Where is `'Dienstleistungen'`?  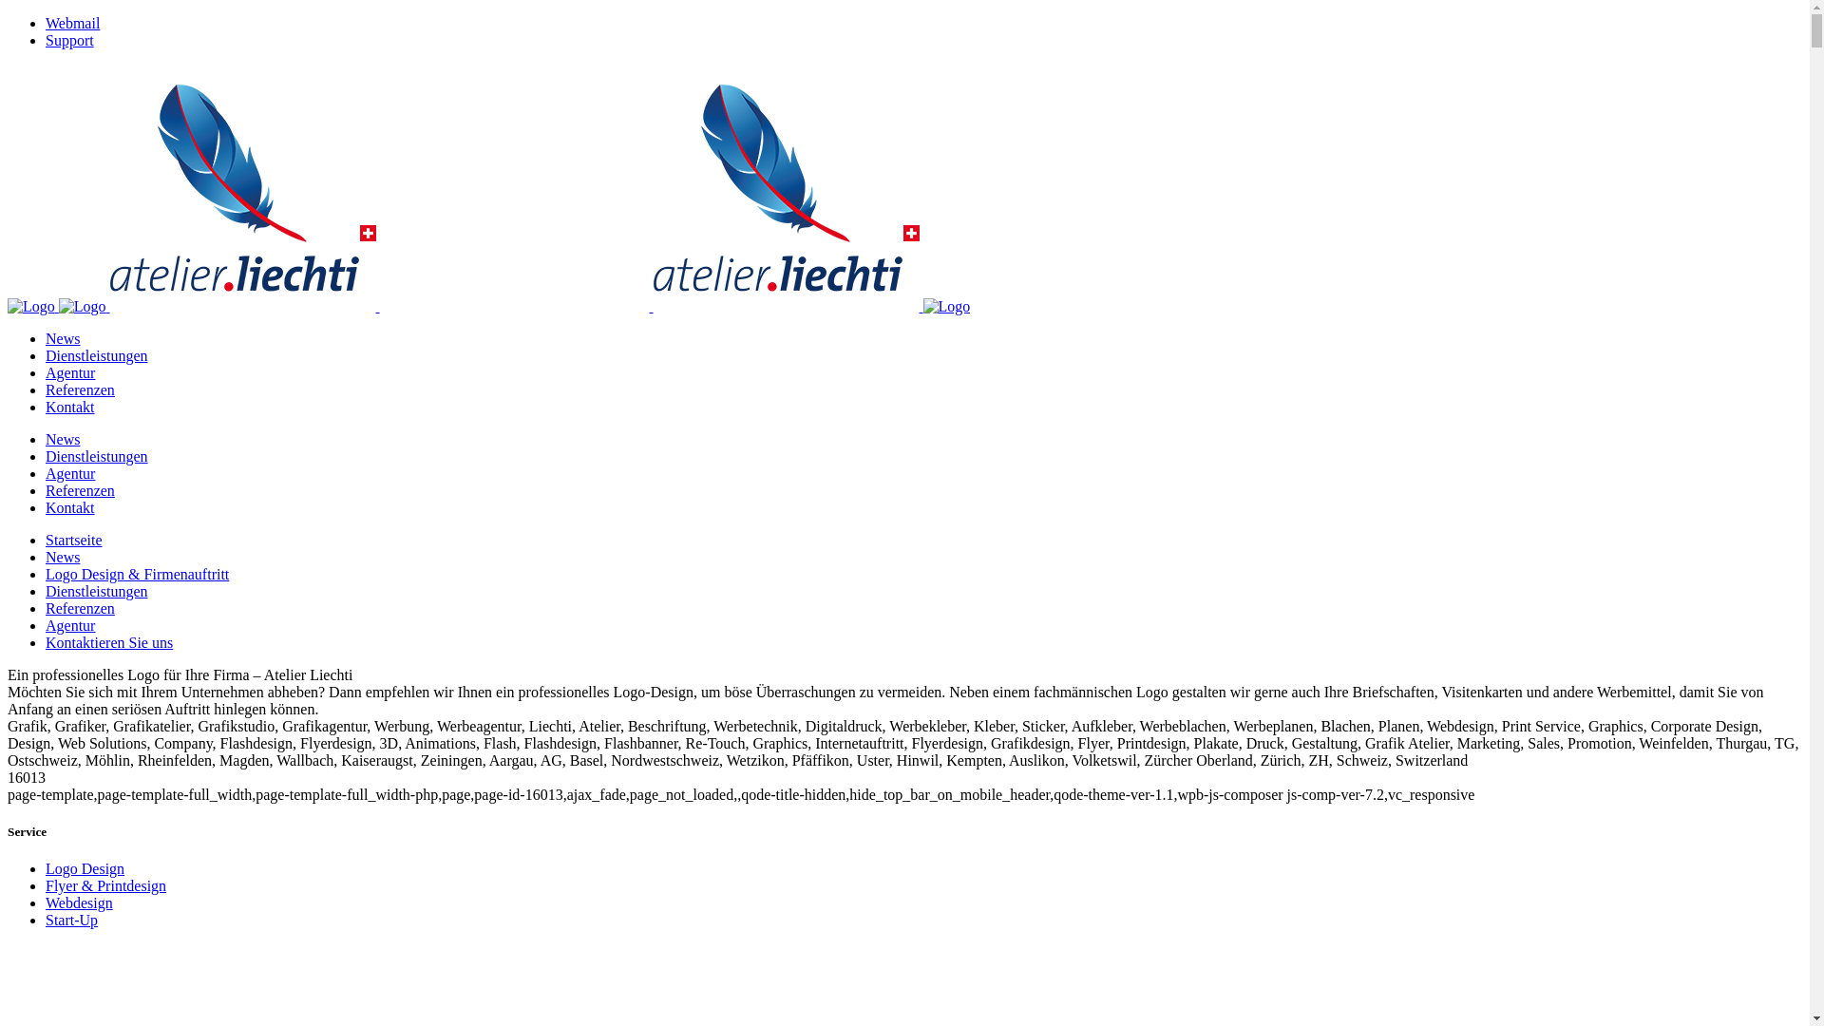 'Dienstleistungen' is located at coordinates (95, 355).